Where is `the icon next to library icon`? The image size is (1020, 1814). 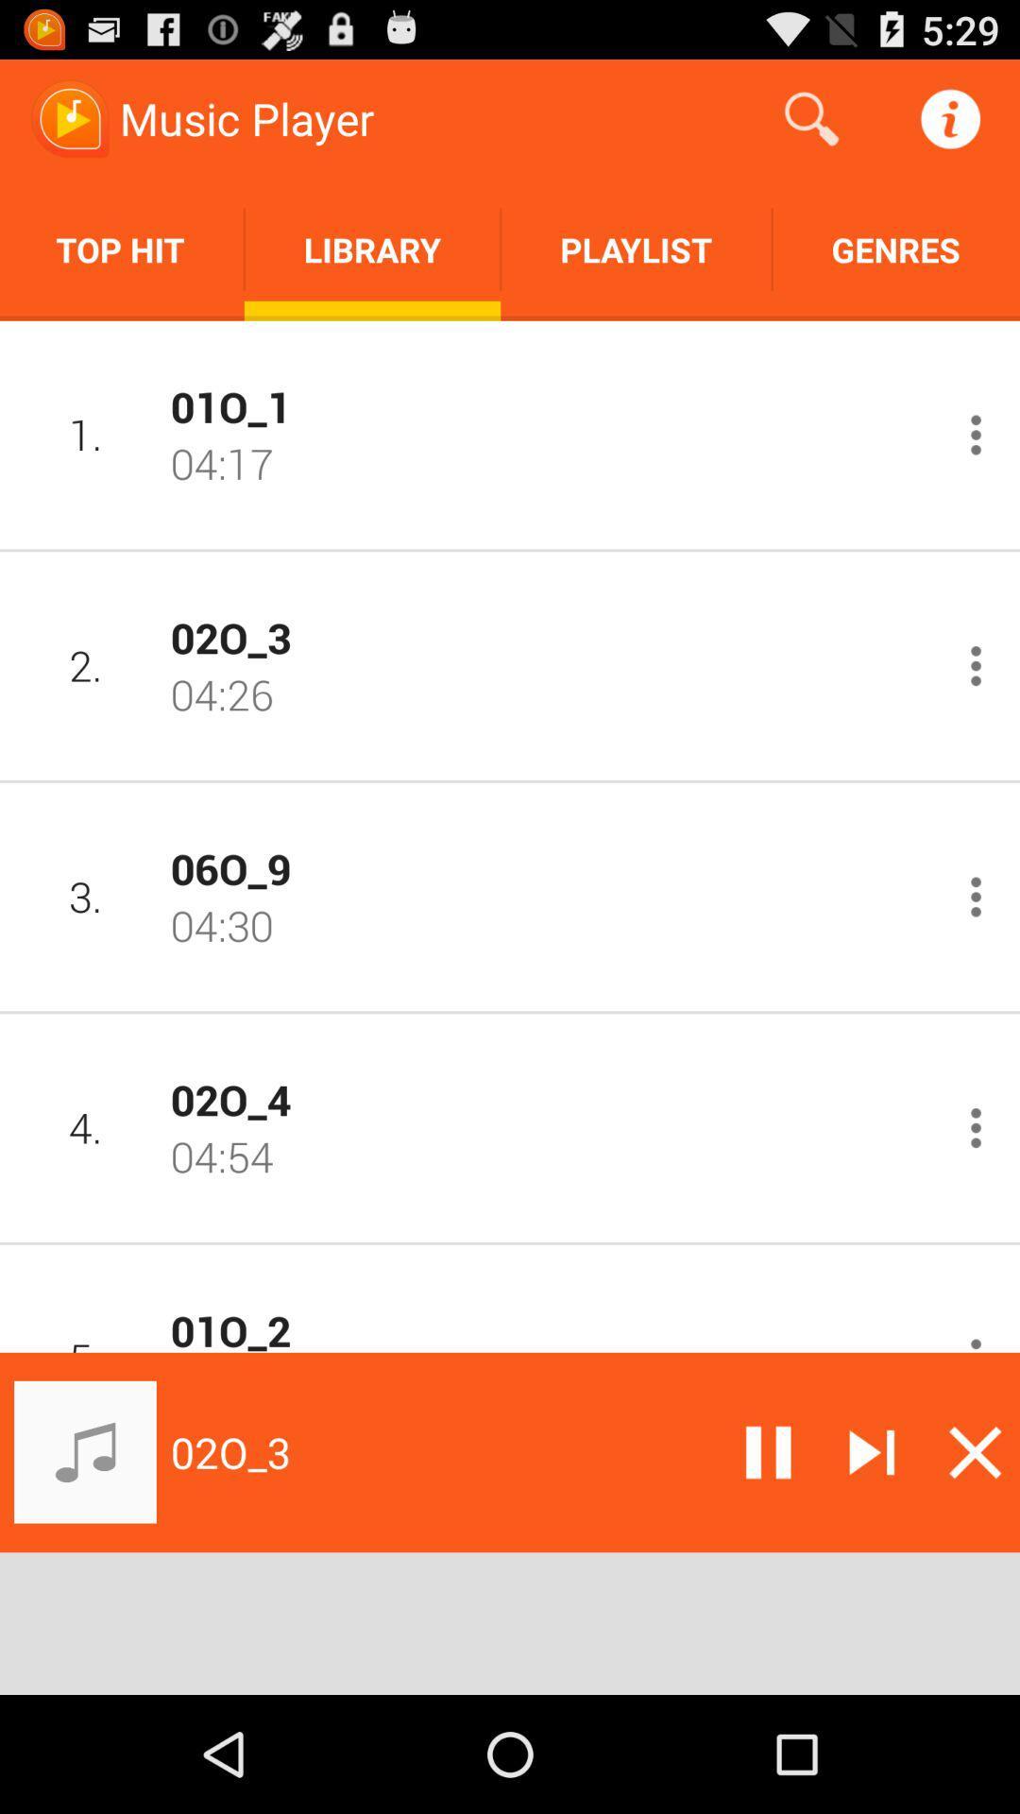
the icon next to library icon is located at coordinates (122, 248).